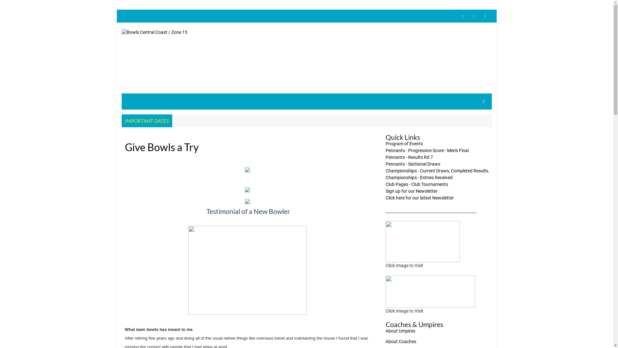  I want to click on 'Pennants - Results Rd 7', so click(409, 157).